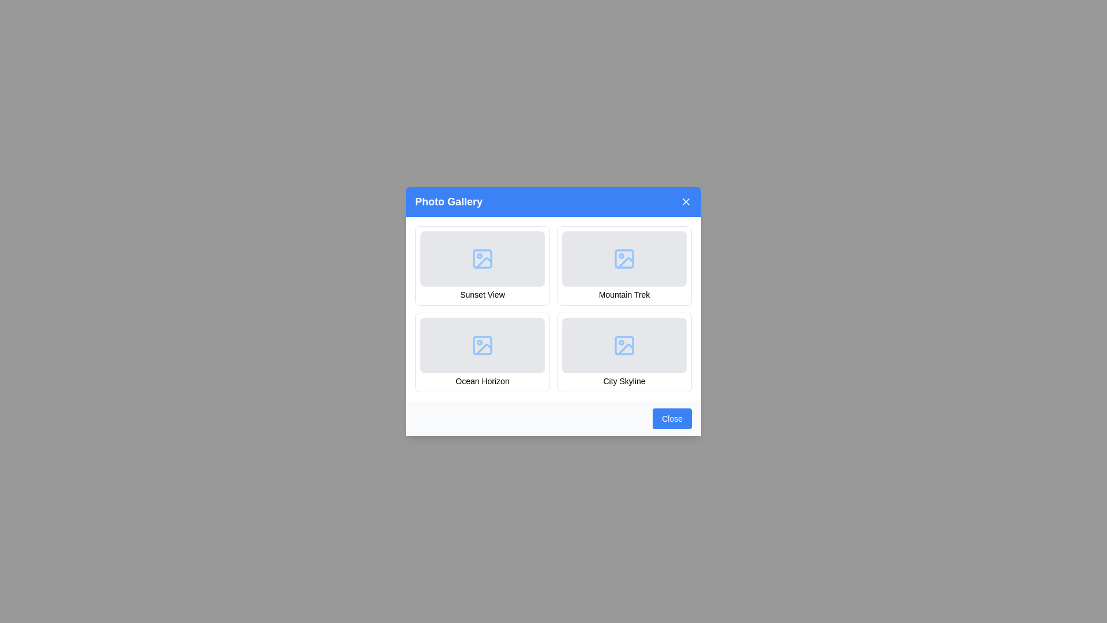 This screenshot has width=1107, height=623. What do you see at coordinates (624, 258) in the screenshot?
I see `the decorative rounded rectangle element inside the 'Mountain Trek' image grid cell in the modal window` at bounding box center [624, 258].